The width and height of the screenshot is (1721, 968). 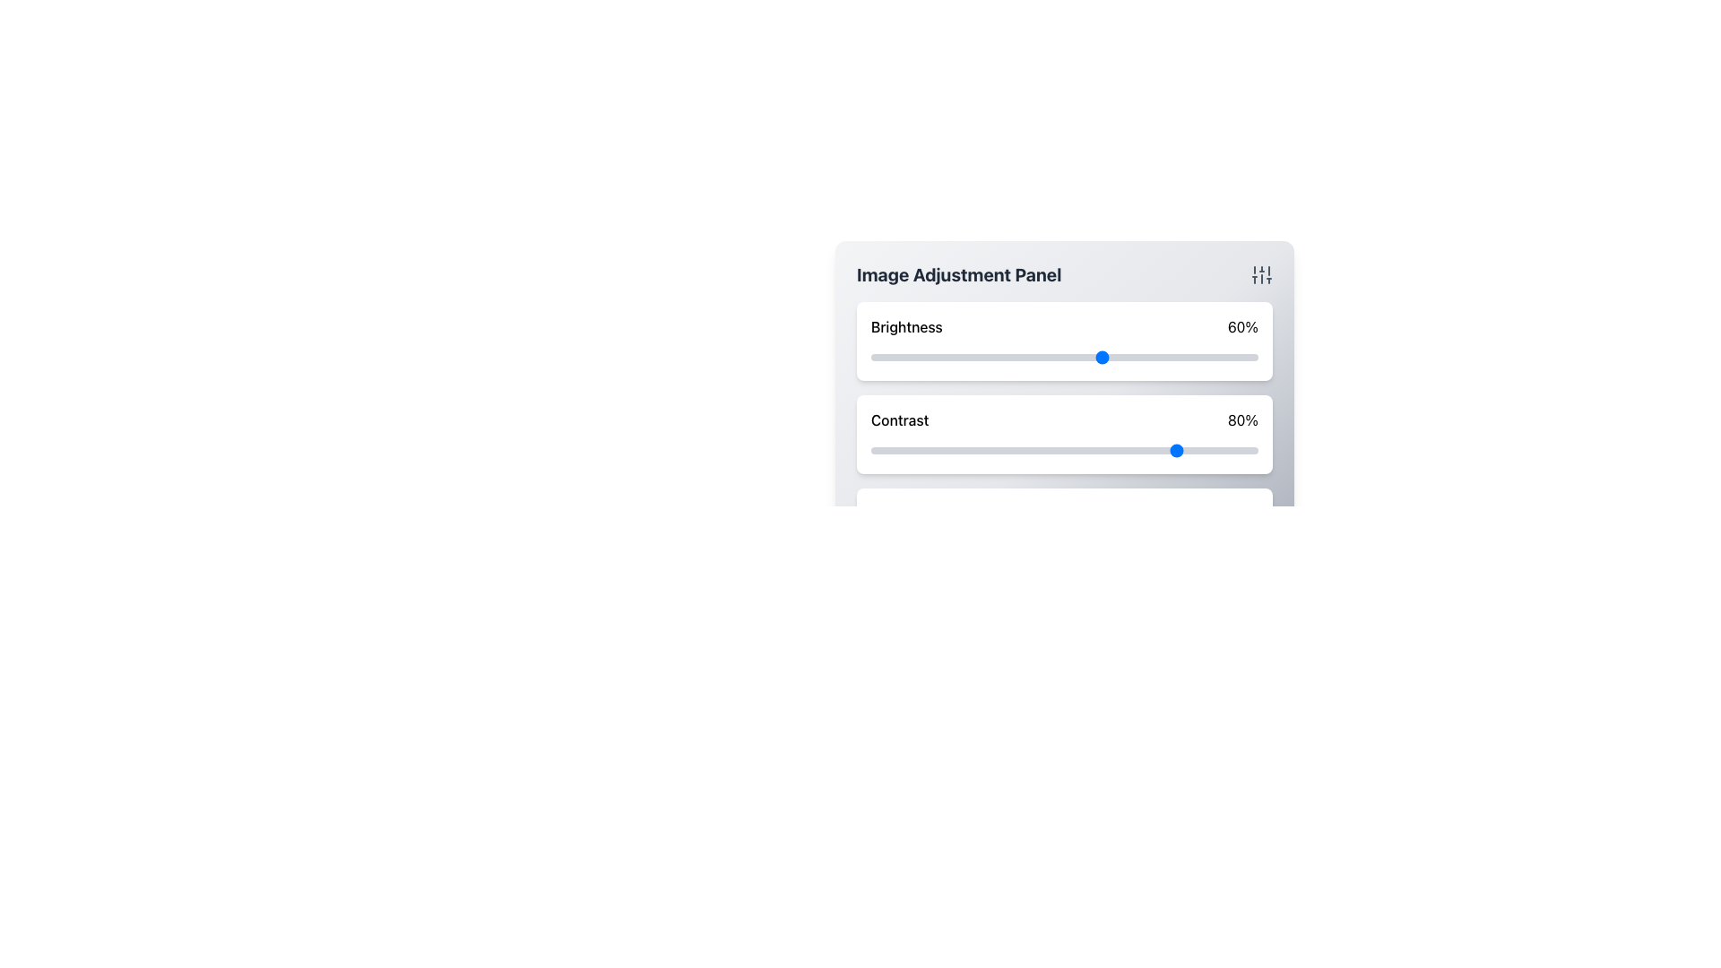 I want to click on brightness, so click(x=1157, y=357).